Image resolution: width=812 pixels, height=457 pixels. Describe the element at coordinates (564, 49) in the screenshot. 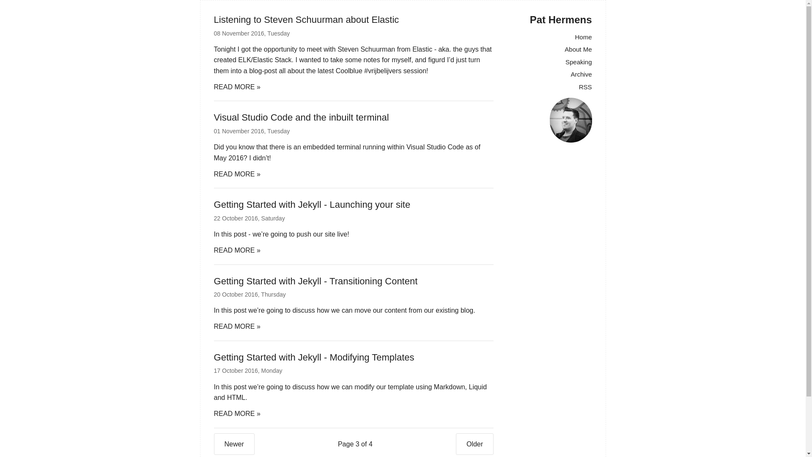

I see `'About Me'` at that location.